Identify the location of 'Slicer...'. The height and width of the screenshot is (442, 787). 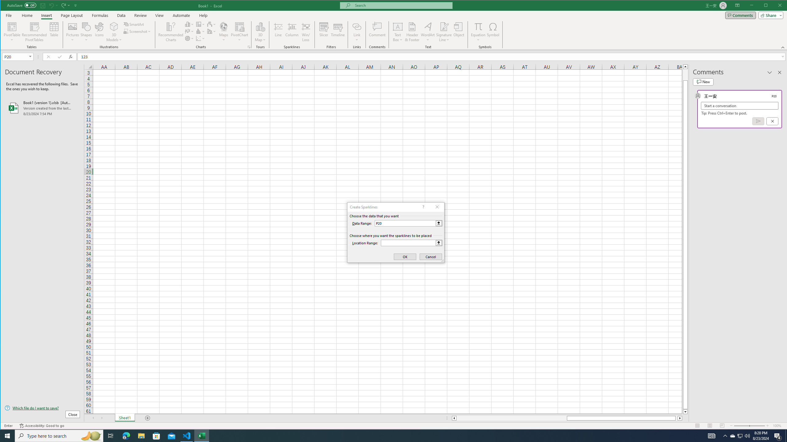
(323, 32).